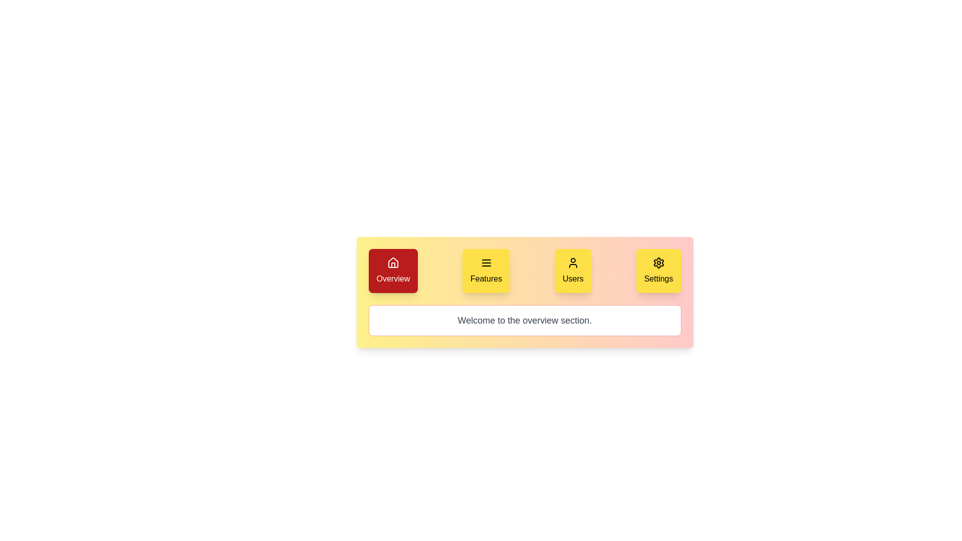 The image size is (962, 541). I want to click on the Settings tab to switch to it, so click(658, 270).